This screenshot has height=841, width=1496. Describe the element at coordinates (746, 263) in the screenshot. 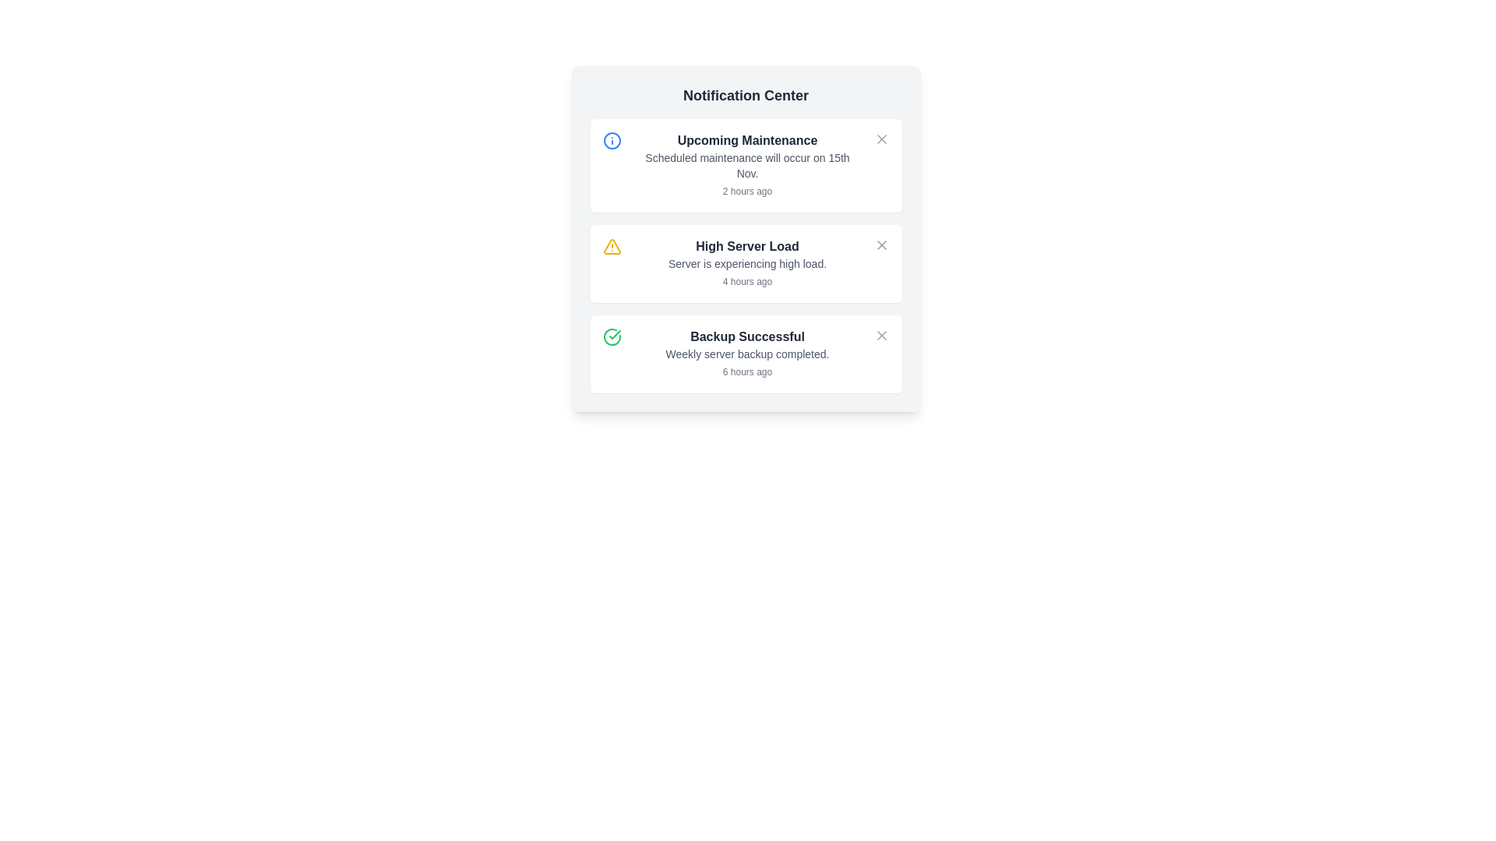

I see `the text element that reads 'Server is experiencing high load.' which is styled in a small font size and gray color, positioned centrally below the title 'High Server Load'` at that location.